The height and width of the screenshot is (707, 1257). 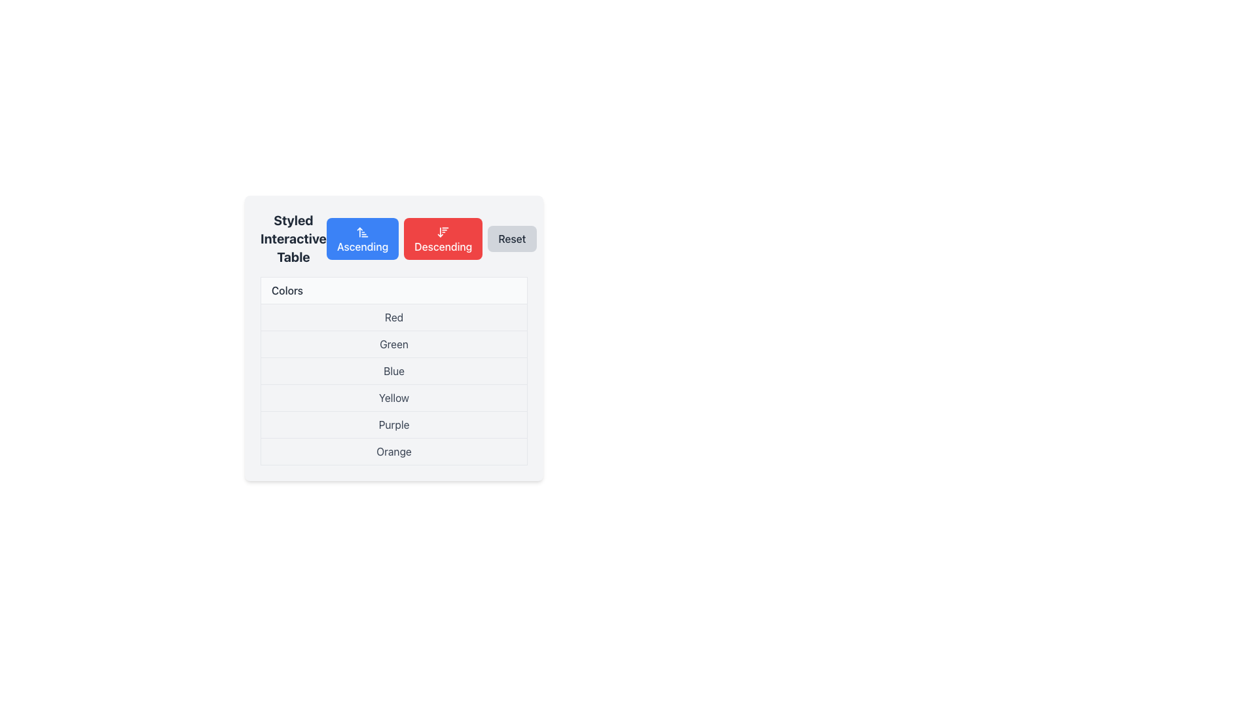 I want to click on the table row element representing the color 'Orange', so click(x=393, y=451).